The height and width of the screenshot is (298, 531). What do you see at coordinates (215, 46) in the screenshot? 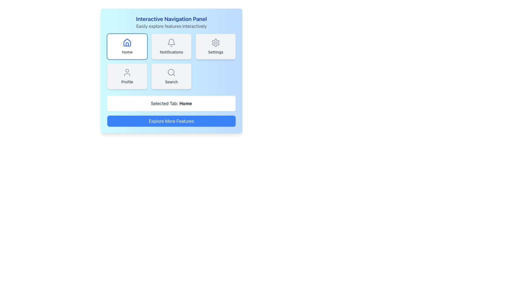
I see `the third navigation button in the first row of the grid layout for keyboard interaction` at bounding box center [215, 46].